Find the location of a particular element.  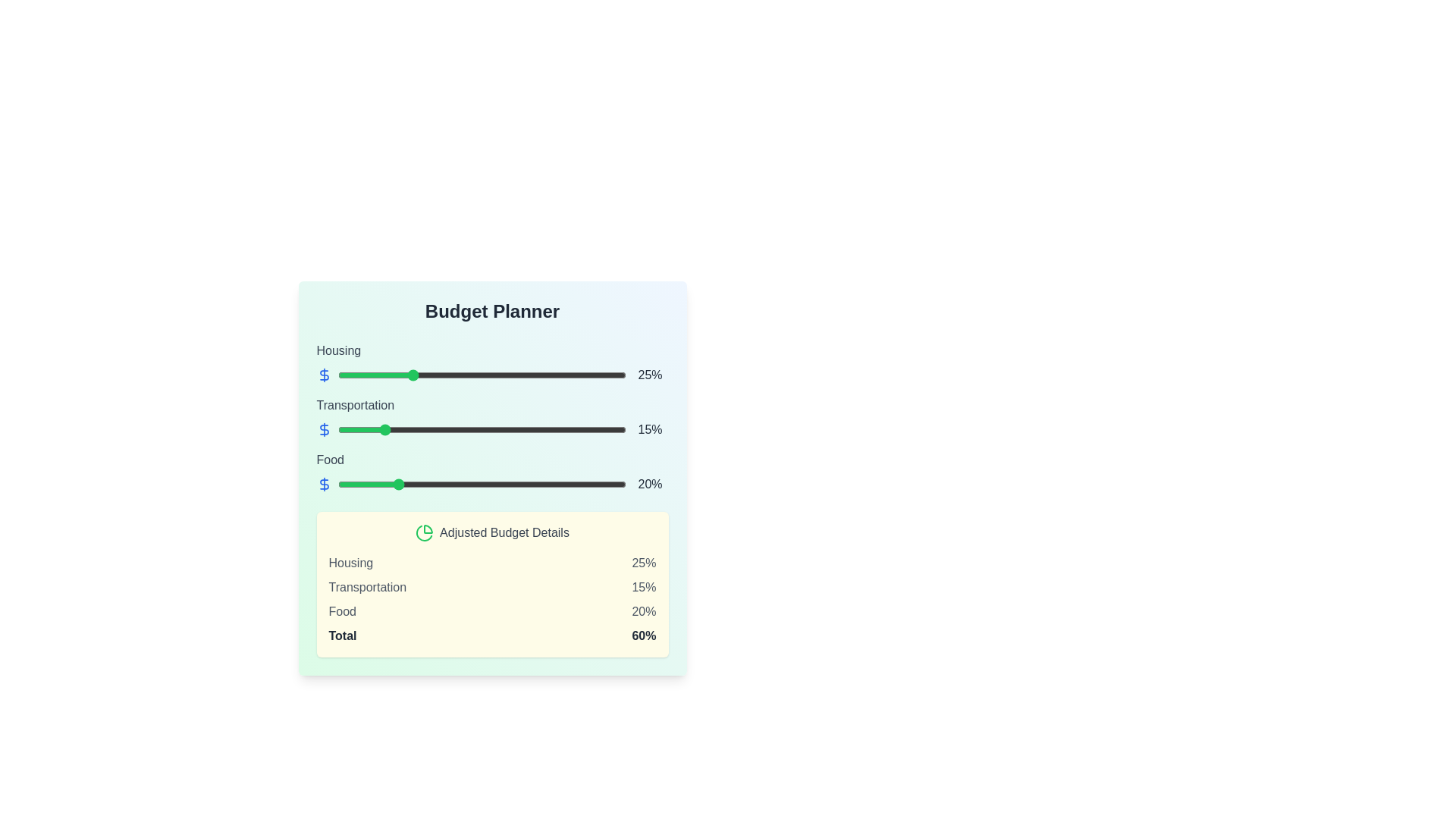

the housing budget percentage is located at coordinates (343, 375).